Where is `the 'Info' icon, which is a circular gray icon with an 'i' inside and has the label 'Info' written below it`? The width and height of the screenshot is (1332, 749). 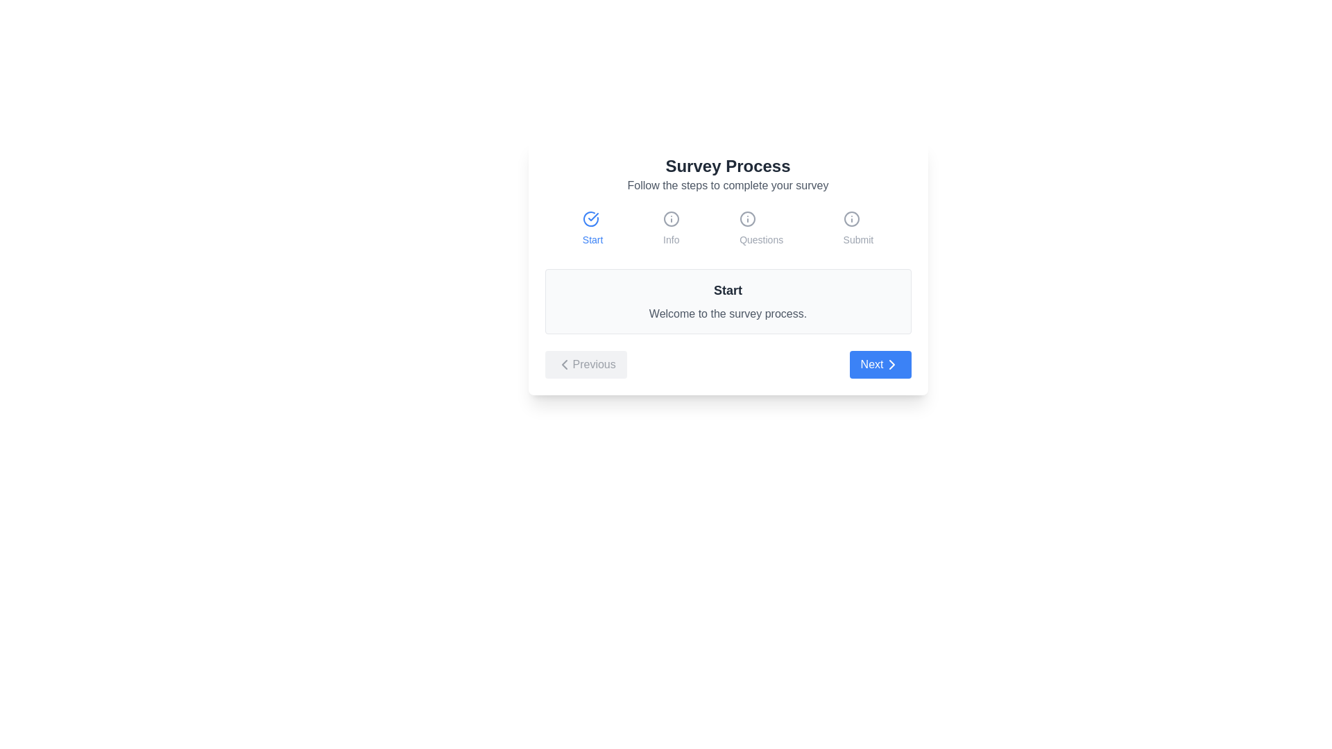
the 'Info' icon, which is a circular gray icon with an 'i' inside and has the label 'Info' written below it is located at coordinates (671, 228).